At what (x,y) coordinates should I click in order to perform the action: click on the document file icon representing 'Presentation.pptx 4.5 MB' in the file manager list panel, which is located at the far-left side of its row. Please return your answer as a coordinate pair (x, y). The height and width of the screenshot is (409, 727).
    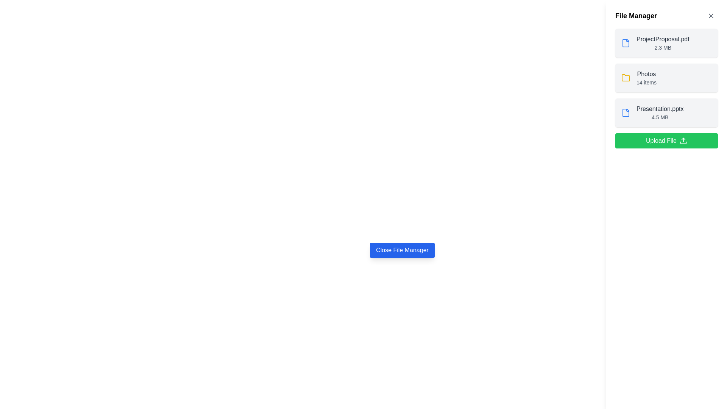
    Looking at the image, I should click on (626, 112).